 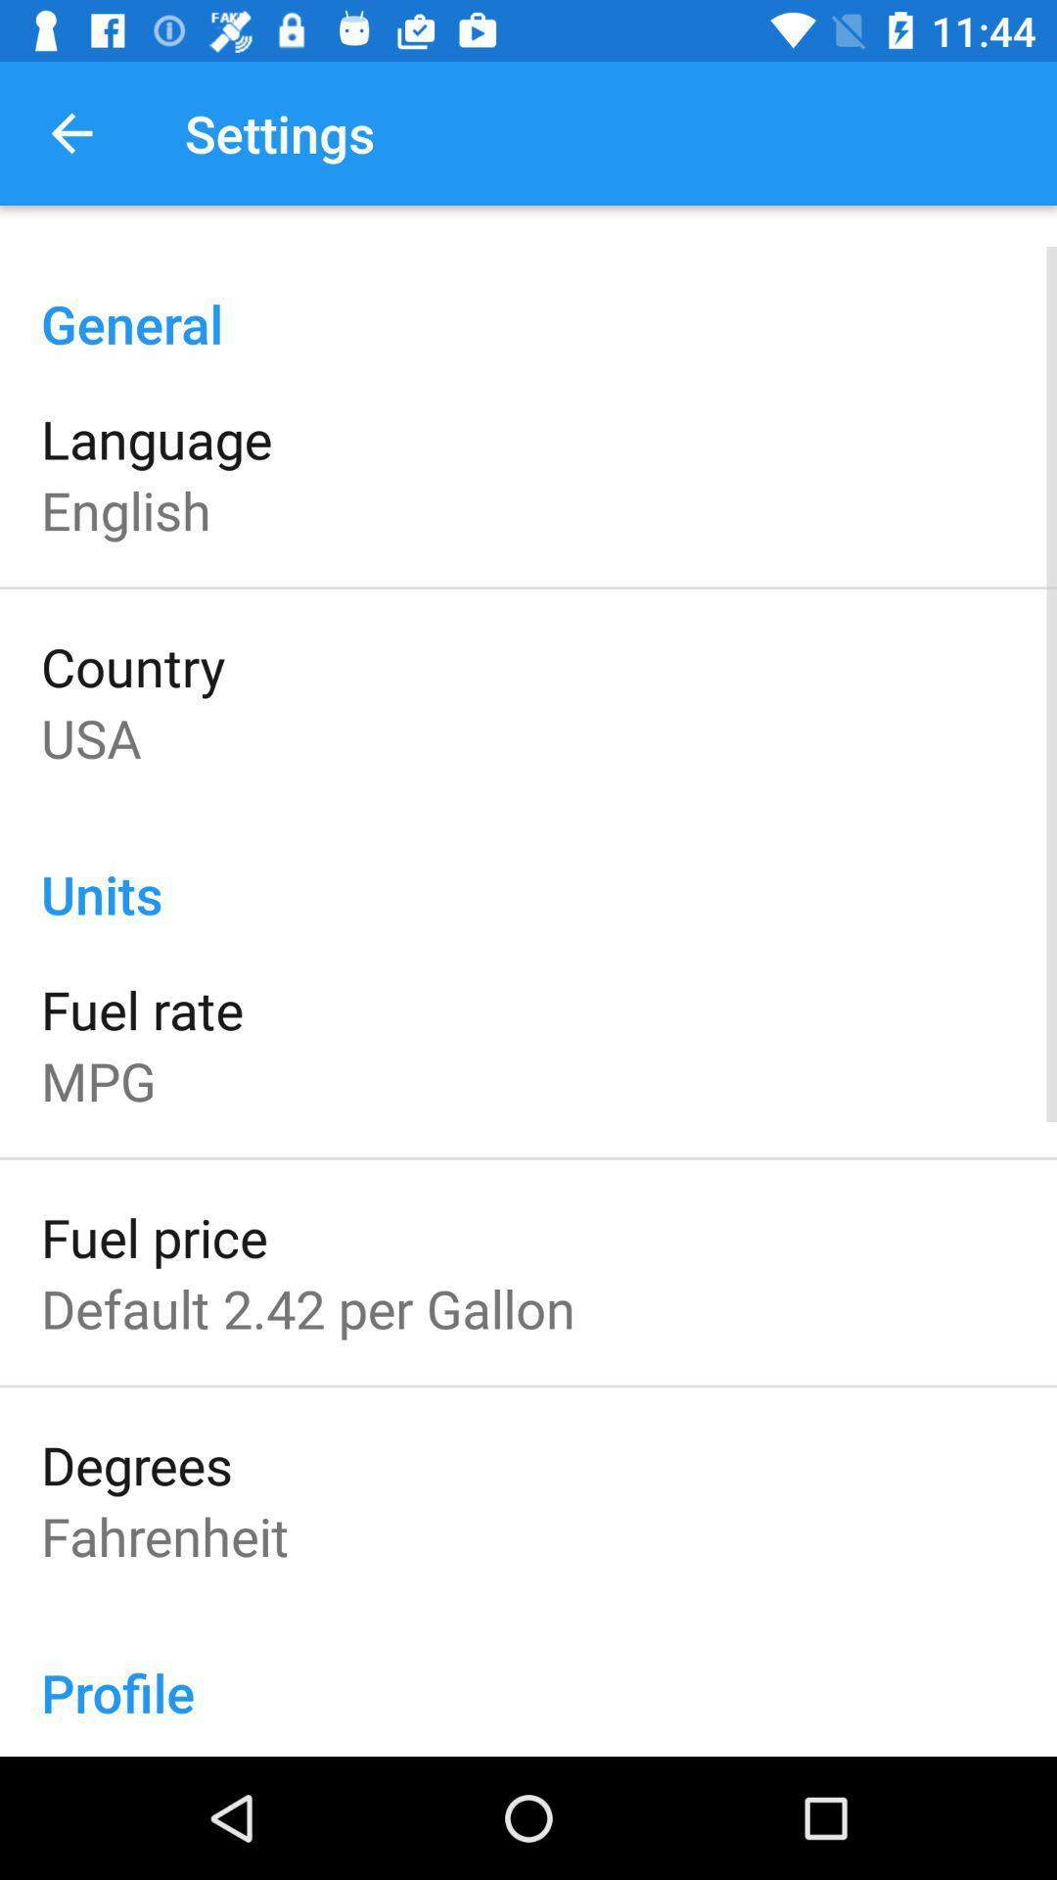 I want to click on the fahrenheit, so click(x=163, y=1534).